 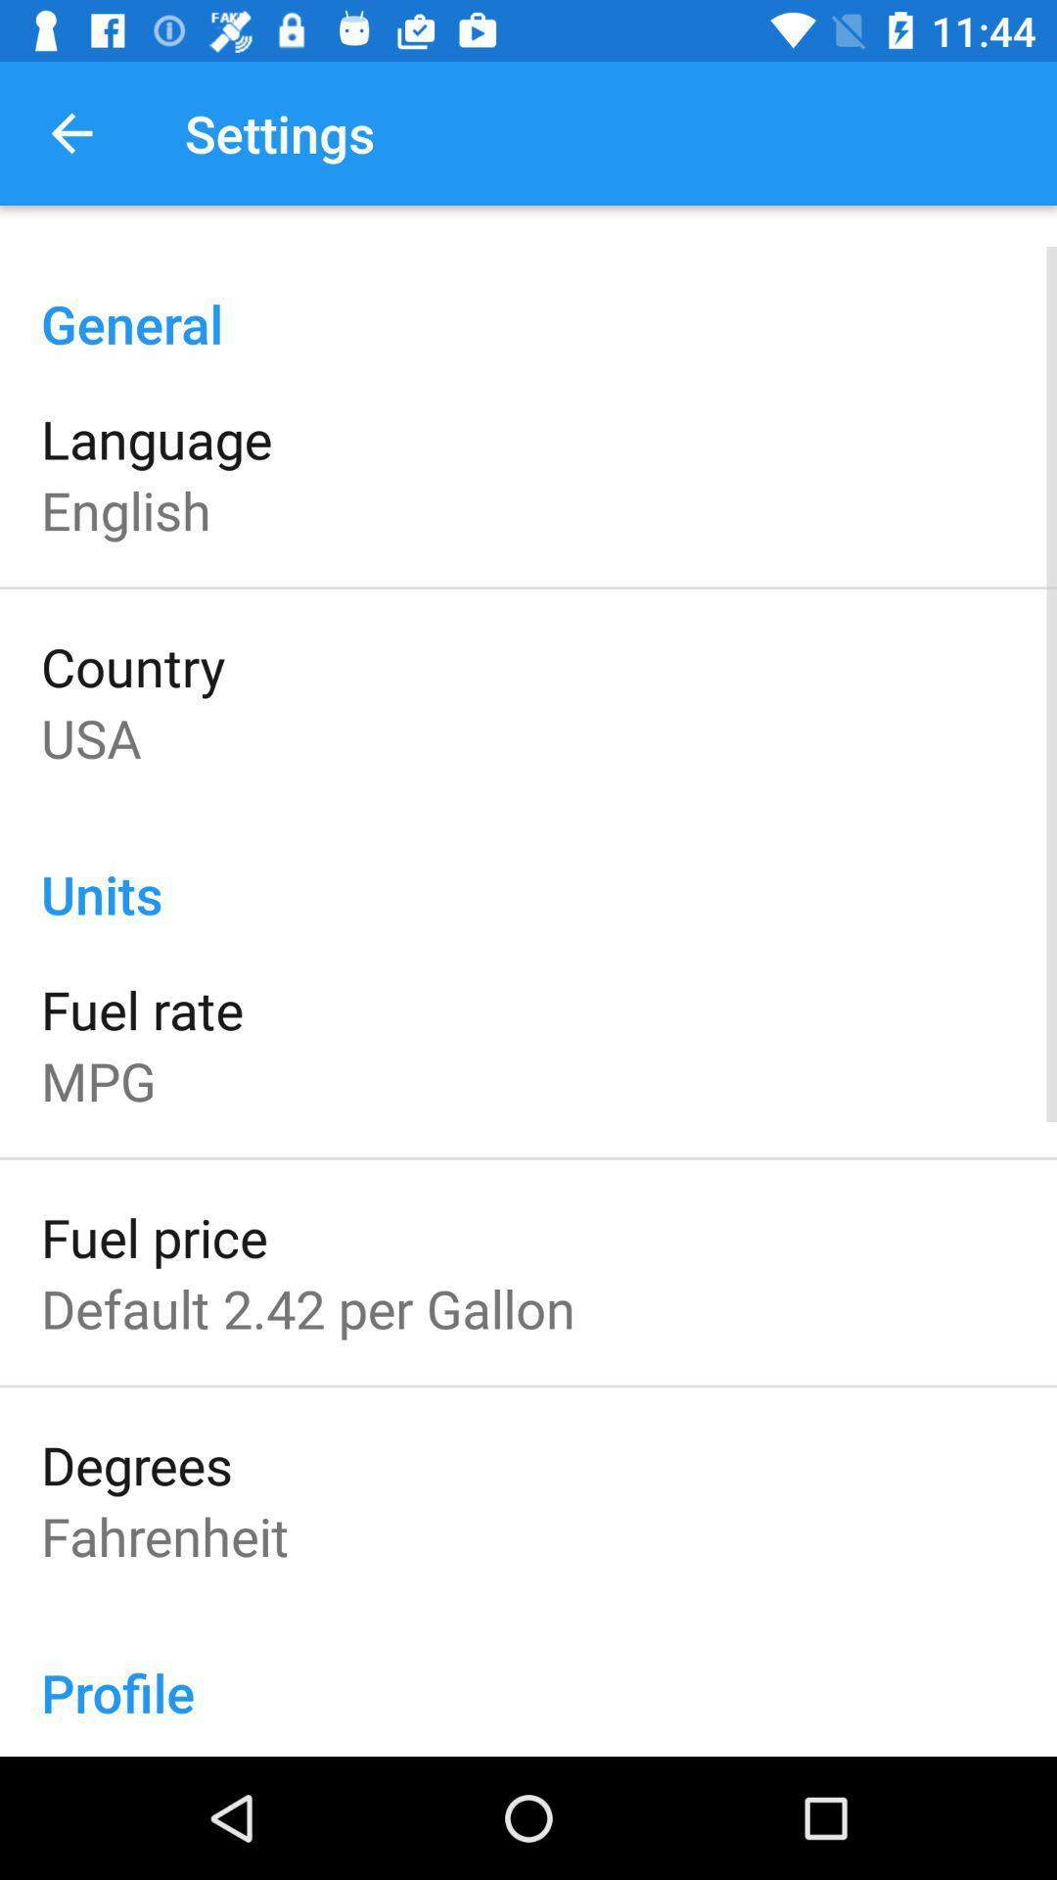 I want to click on the fahrenheit, so click(x=163, y=1534).